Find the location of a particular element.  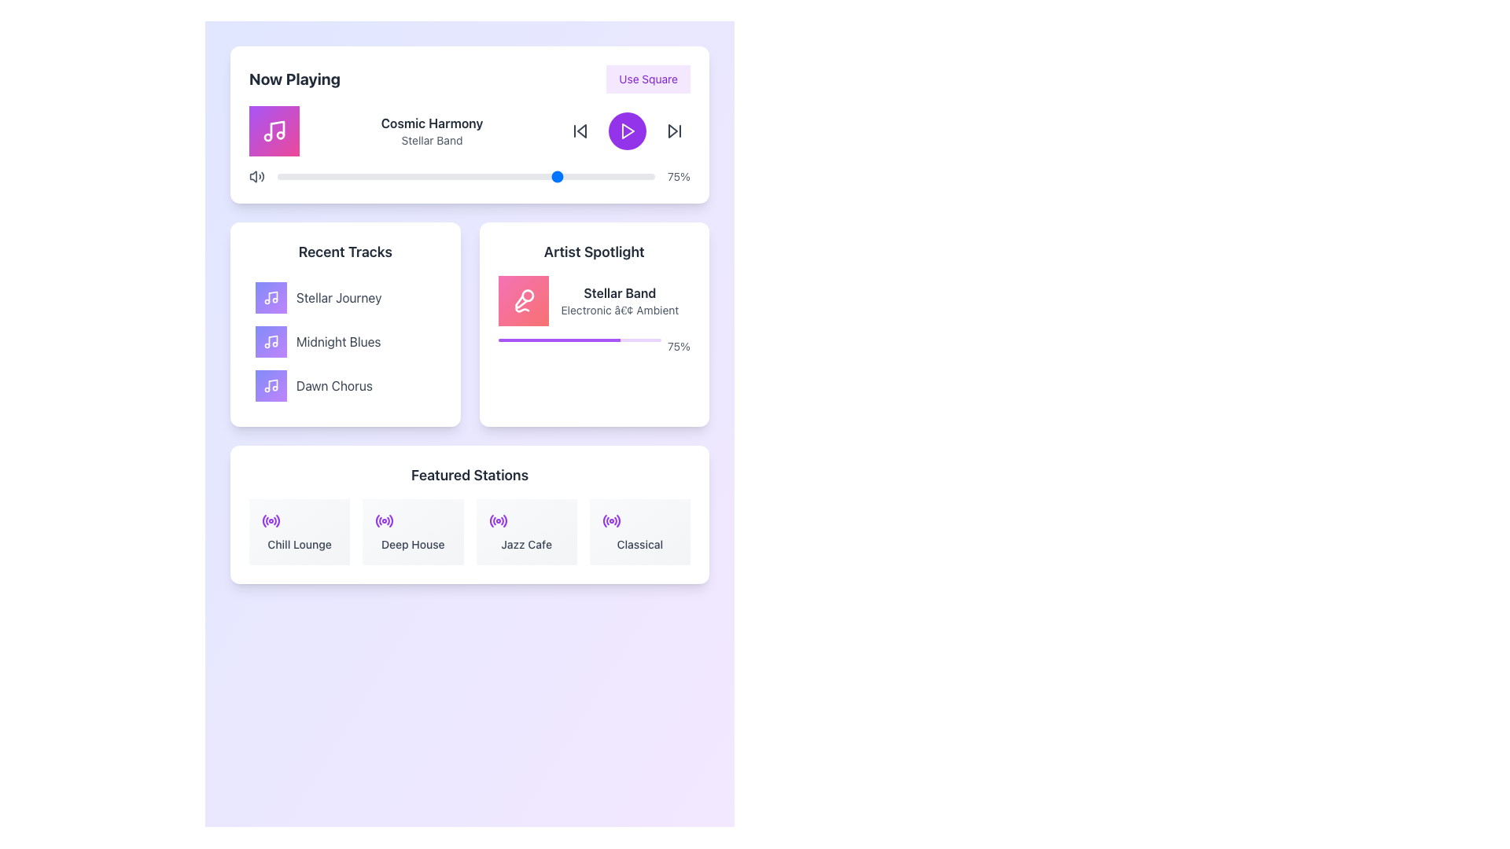

the 'Stellar Journey' text label in the 'Recent Tracks' section is located at coordinates (338, 297).